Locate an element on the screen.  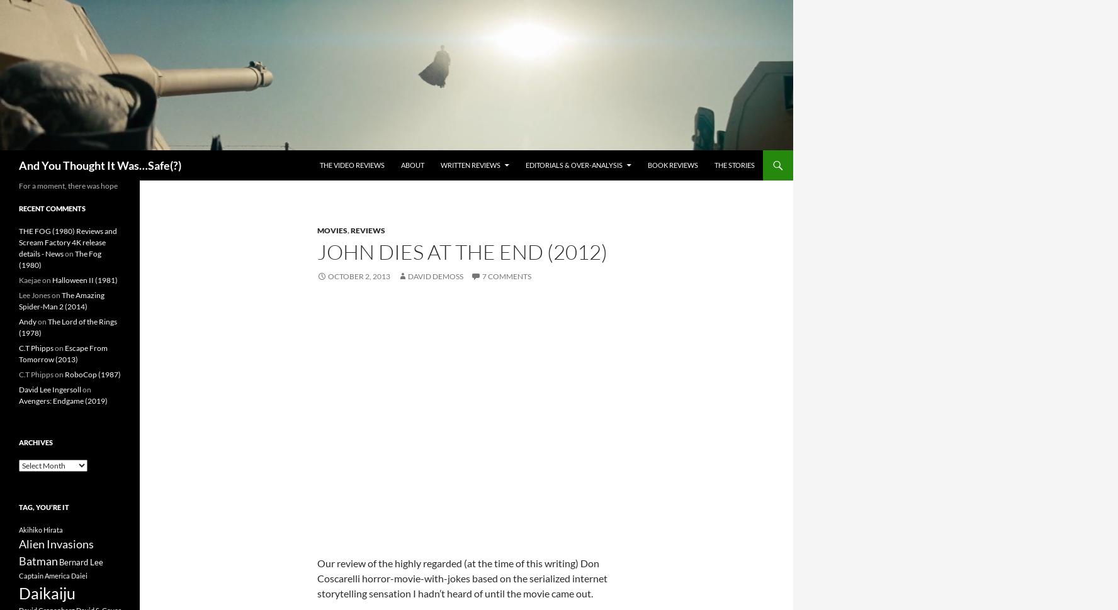
'Akihiko Hirata' is located at coordinates (40, 529).